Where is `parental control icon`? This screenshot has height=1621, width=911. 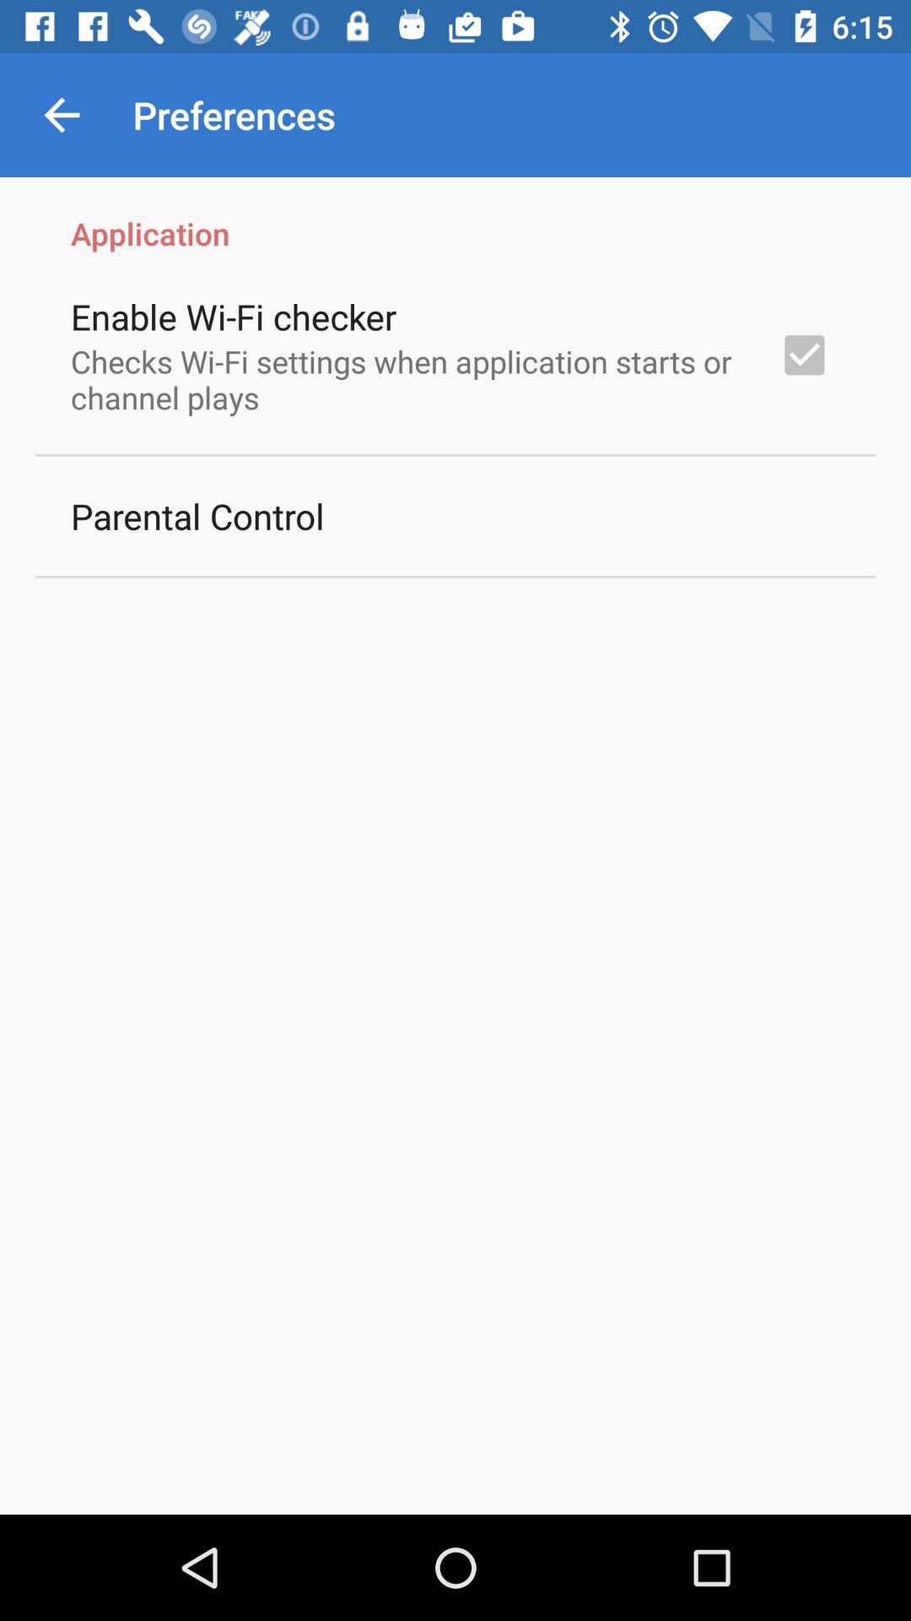
parental control icon is located at coordinates (197, 515).